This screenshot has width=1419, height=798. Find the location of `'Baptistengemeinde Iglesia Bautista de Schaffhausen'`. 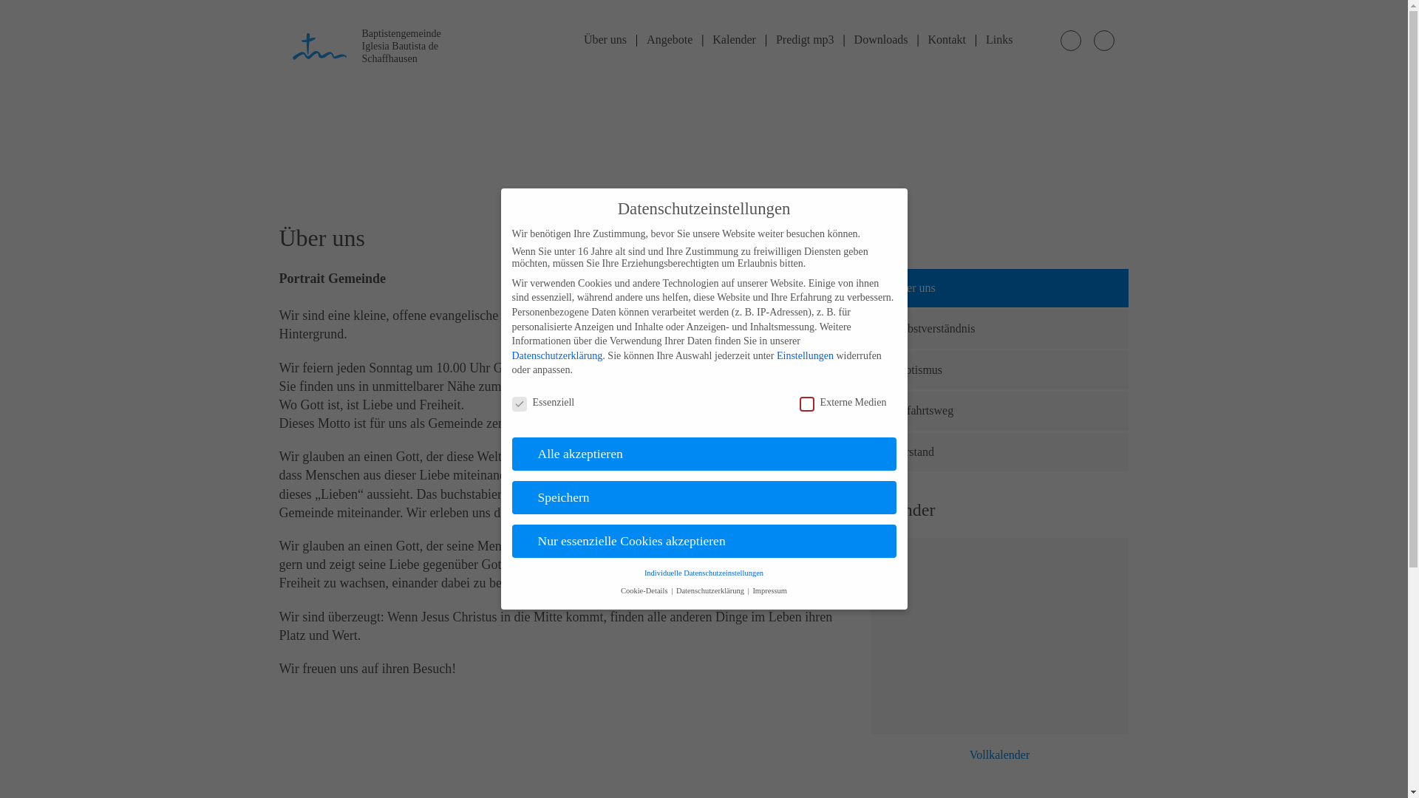

'Baptistengemeinde Iglesia Bautista de Schaffhausen' is located at coordinates (292, 44).